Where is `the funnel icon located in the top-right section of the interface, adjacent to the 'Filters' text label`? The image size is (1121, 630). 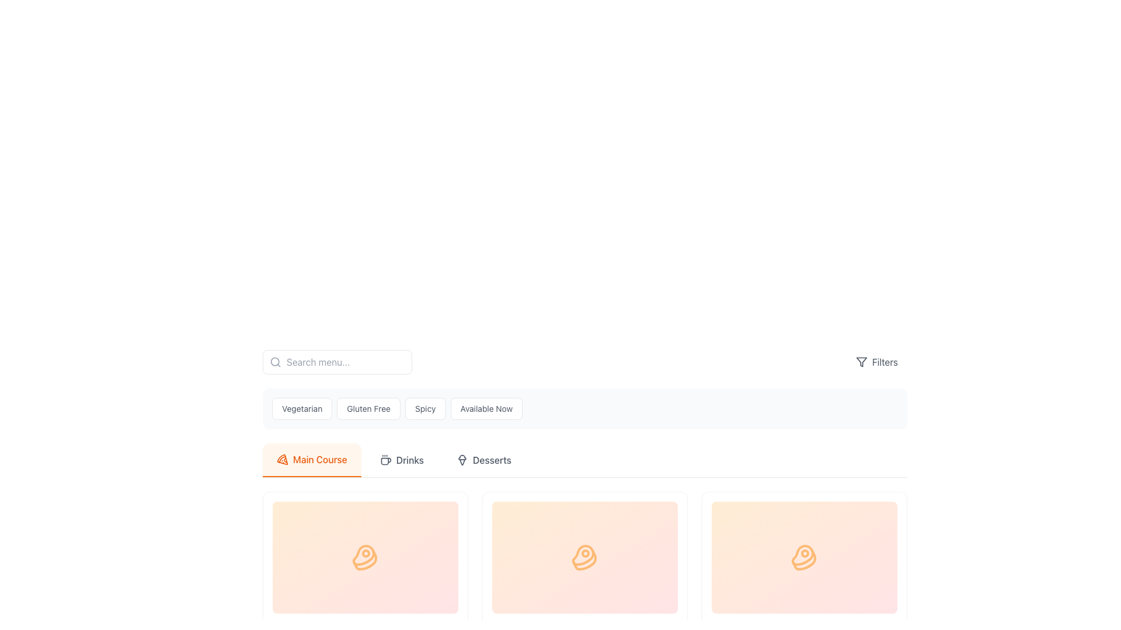 the funnel icon located in the top-right section of the interface, adjacent to the 'Filters' text label is located at coordinates (861, 362).